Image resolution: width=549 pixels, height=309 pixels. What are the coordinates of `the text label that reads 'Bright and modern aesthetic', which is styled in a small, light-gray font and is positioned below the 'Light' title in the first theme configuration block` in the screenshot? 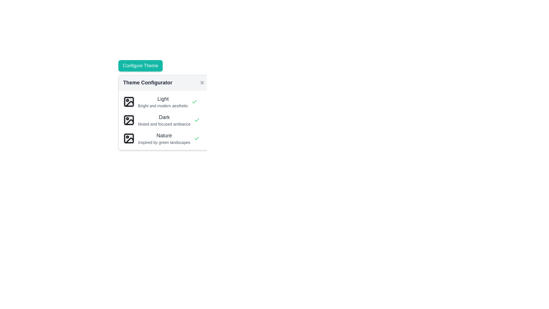 It's located at (163, 106).